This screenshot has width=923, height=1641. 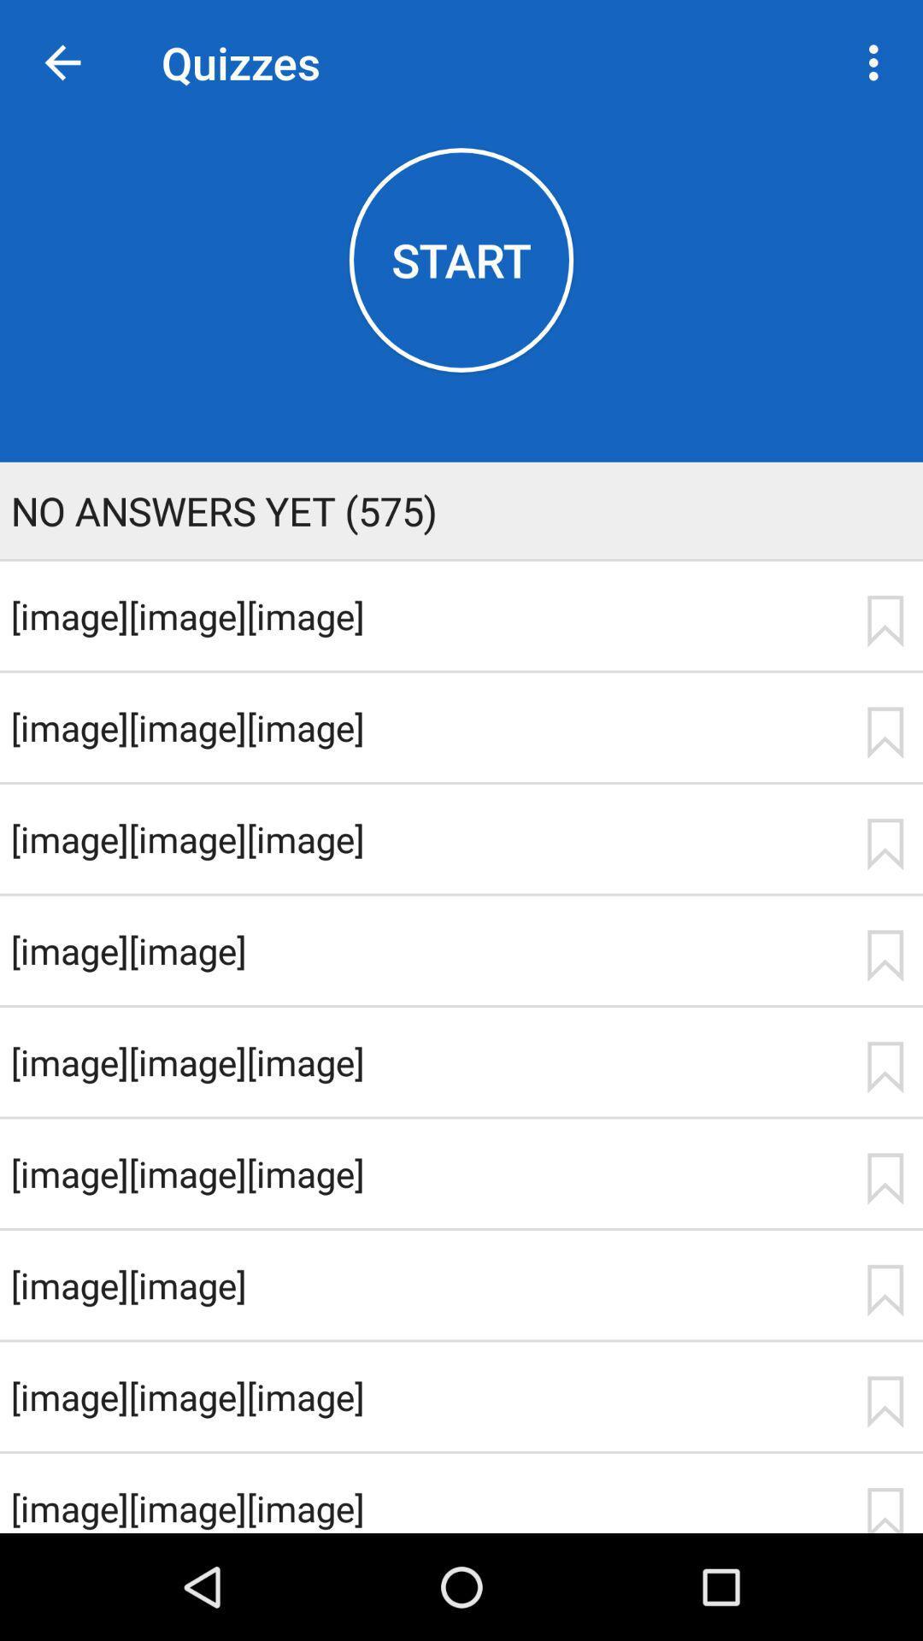 I want to click on bookmark item, so click(x=885, y=955).